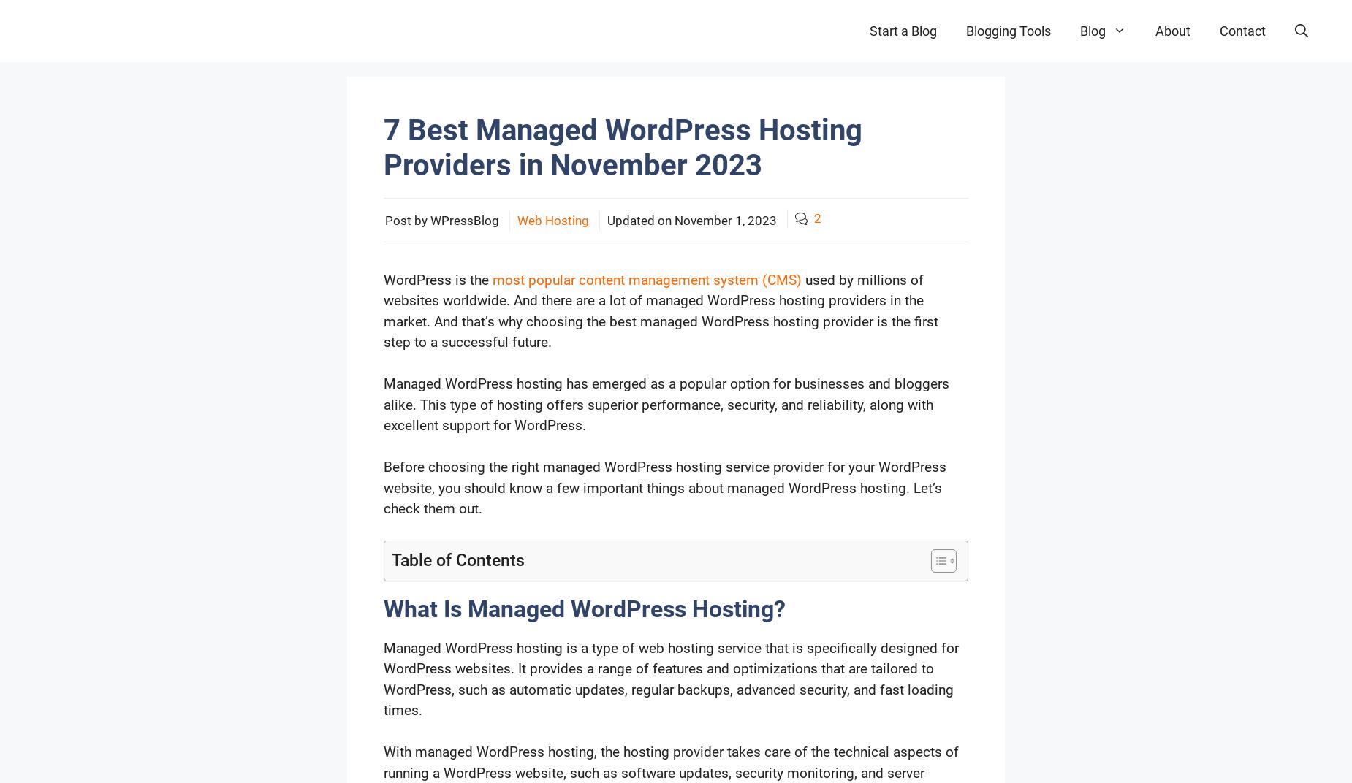  What do you see at coordinates (385, 219) in the screenshot?
I see `'Post by WPressBlog'` at bounding box center [385, 219].